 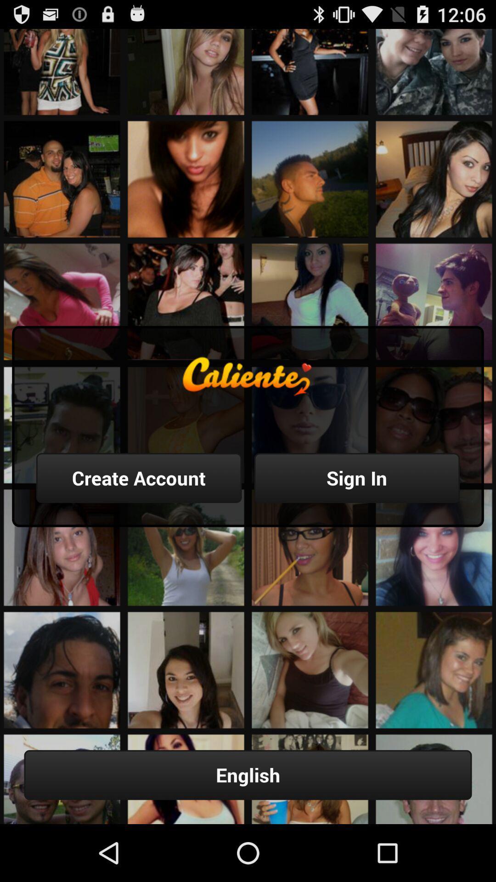 What do you see at coordinates (356, 478) in the screenshot?
I see `button to the right of the create account item` at bounding box center [356, 478].